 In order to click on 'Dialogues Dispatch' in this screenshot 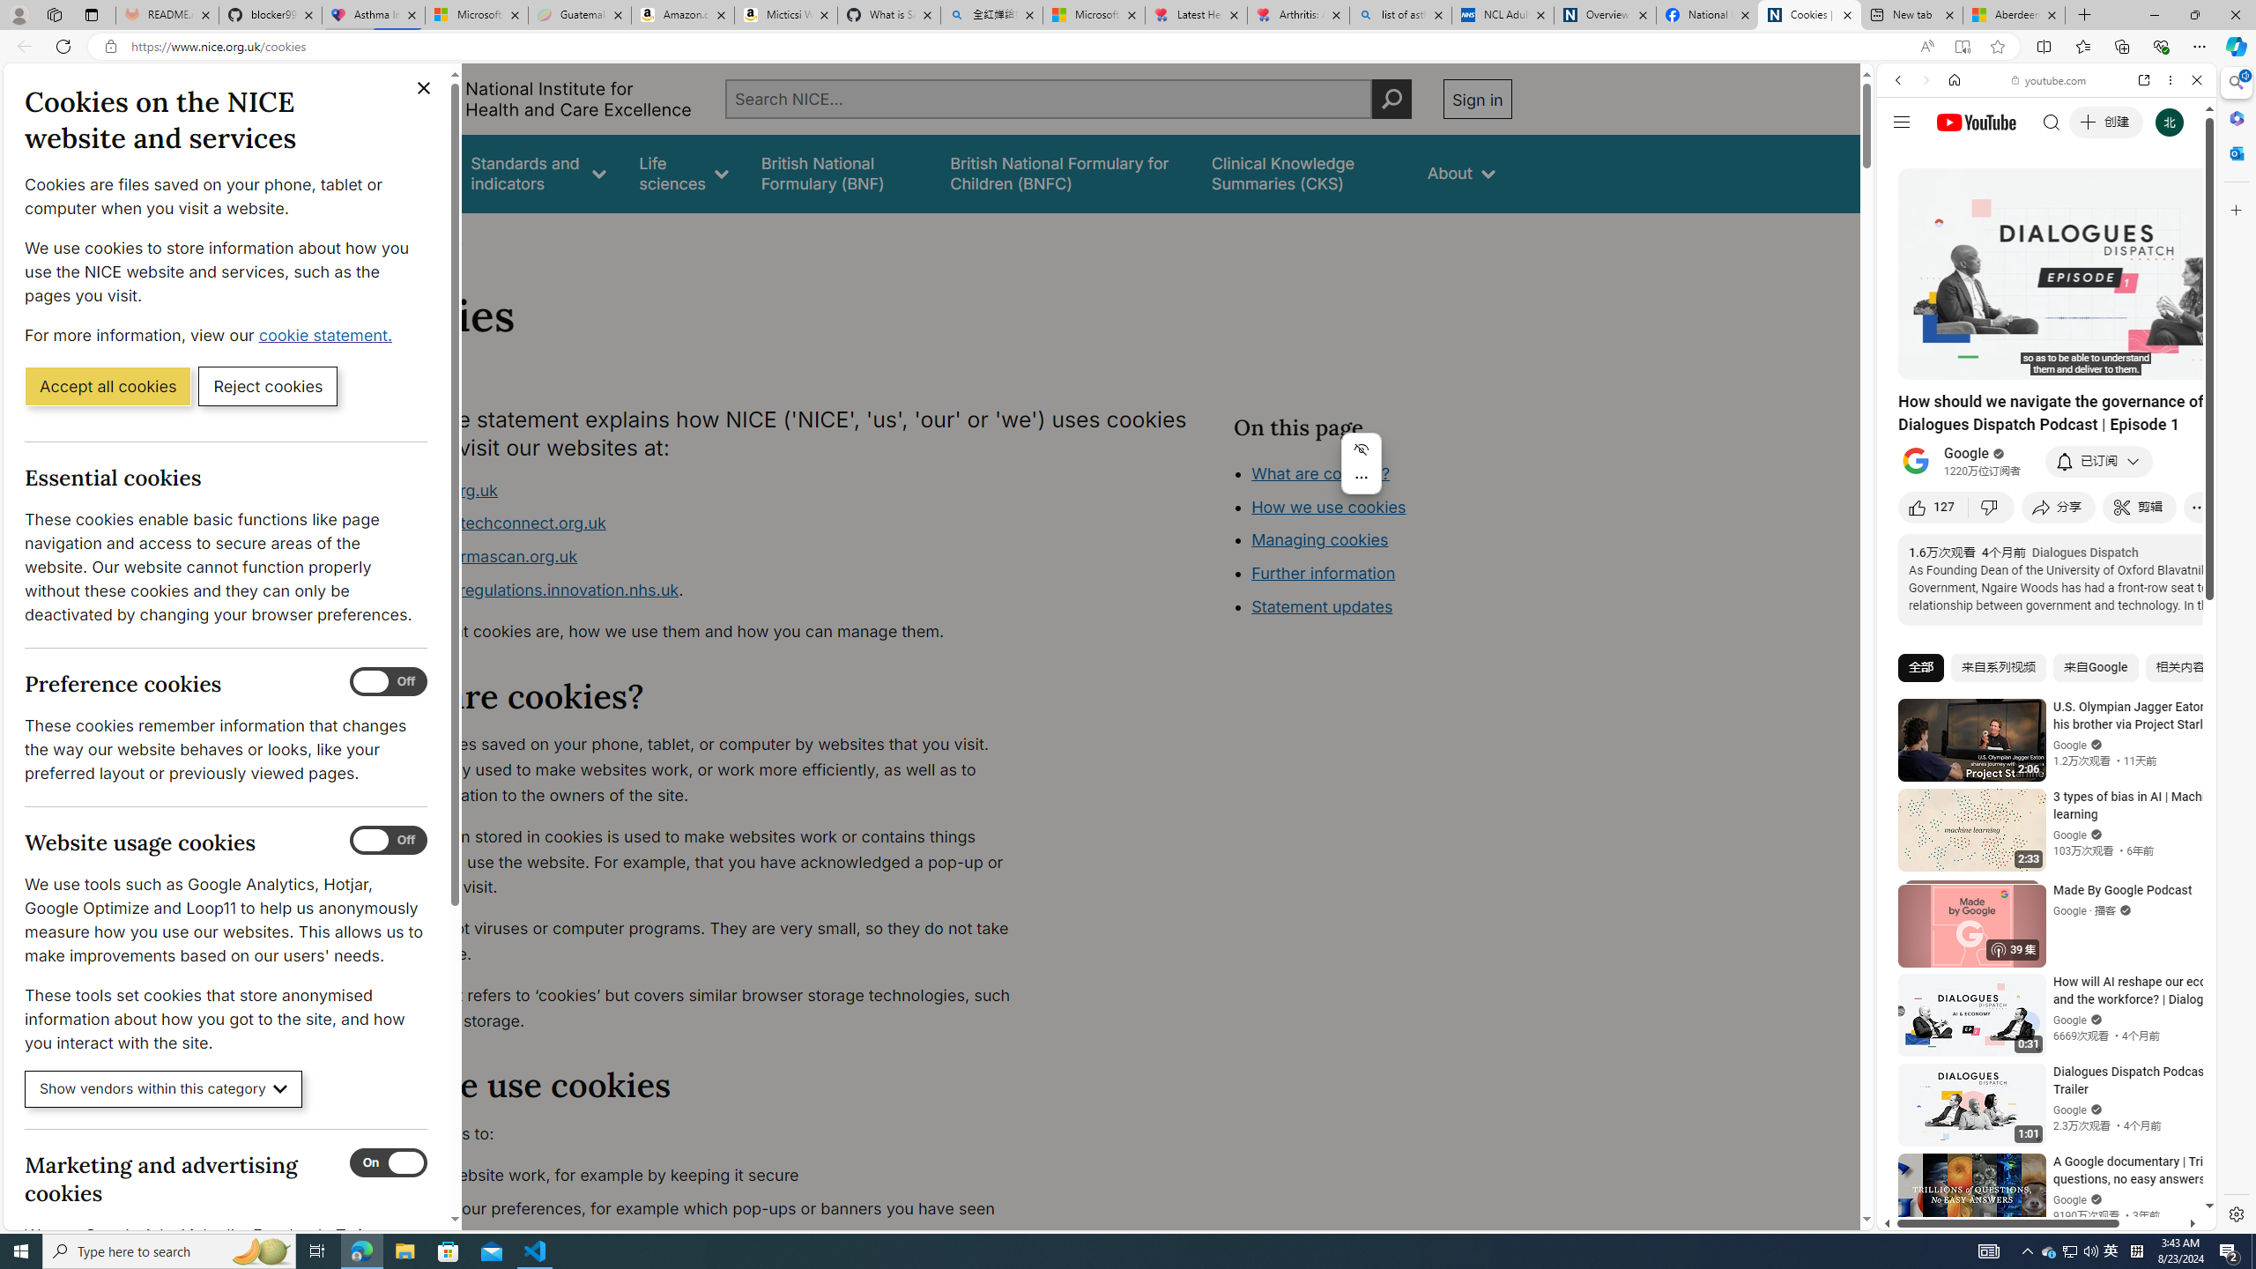, I will do `click(2083, 553)`.